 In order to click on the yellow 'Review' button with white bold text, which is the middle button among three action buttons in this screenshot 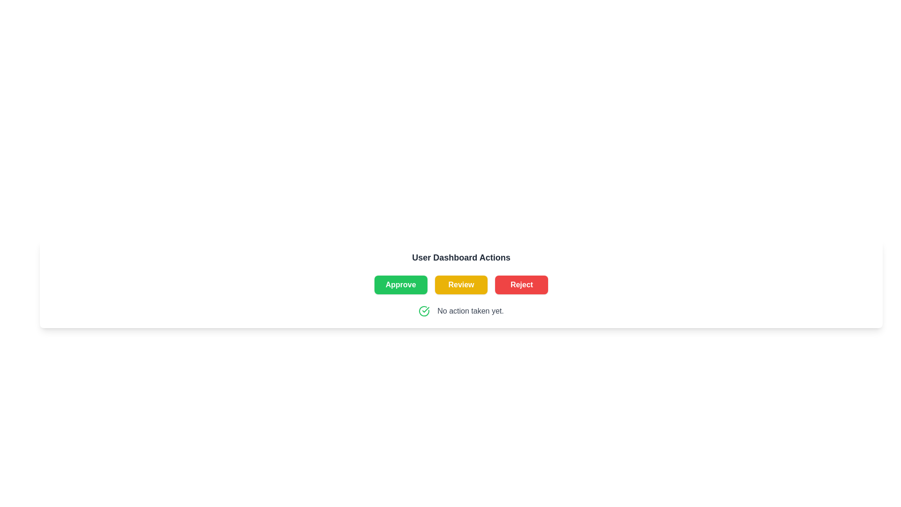, I will do `click(461, 284)`.